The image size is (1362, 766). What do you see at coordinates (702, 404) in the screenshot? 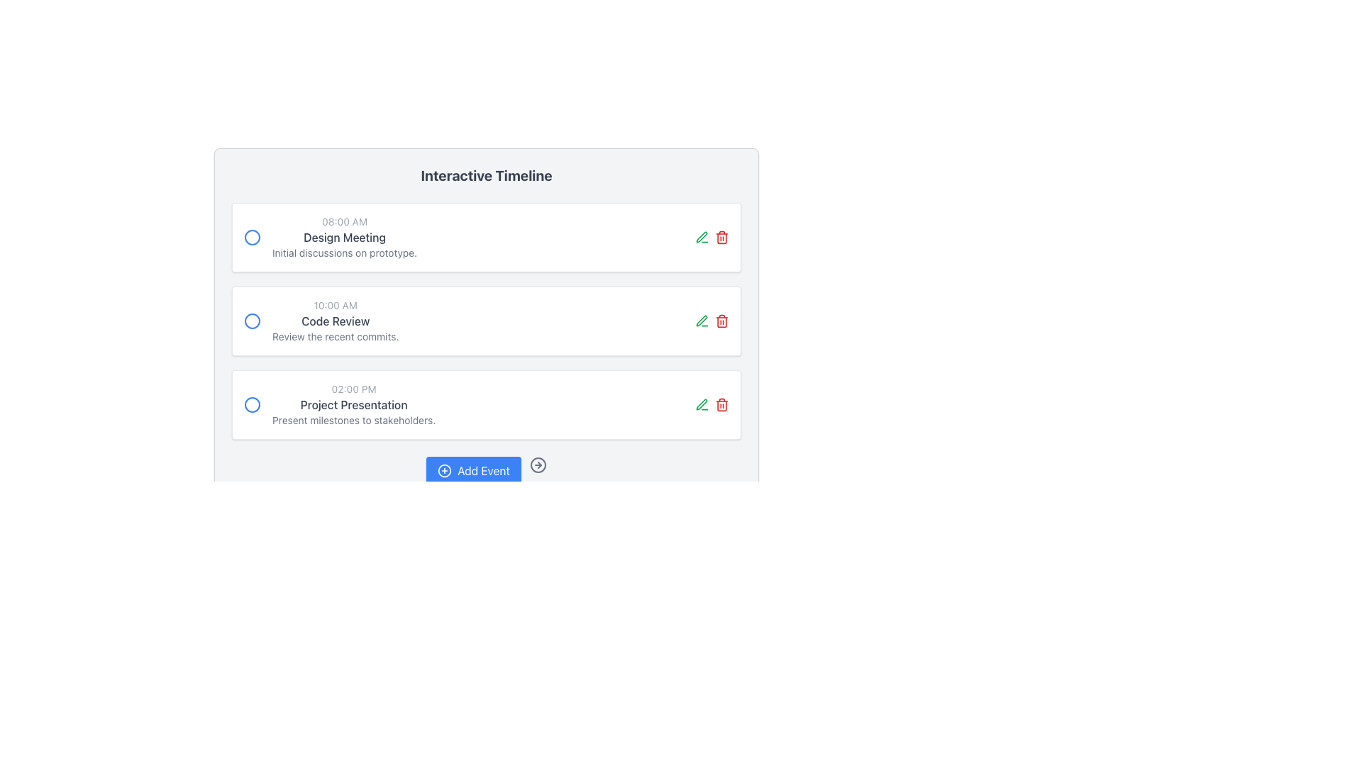
I see `the green pencil icon located to the left of the trash bin icon in the group of icons on the right-hand side of the timeline entry for 'Project Presentation'` at bounding box center [702, 404].